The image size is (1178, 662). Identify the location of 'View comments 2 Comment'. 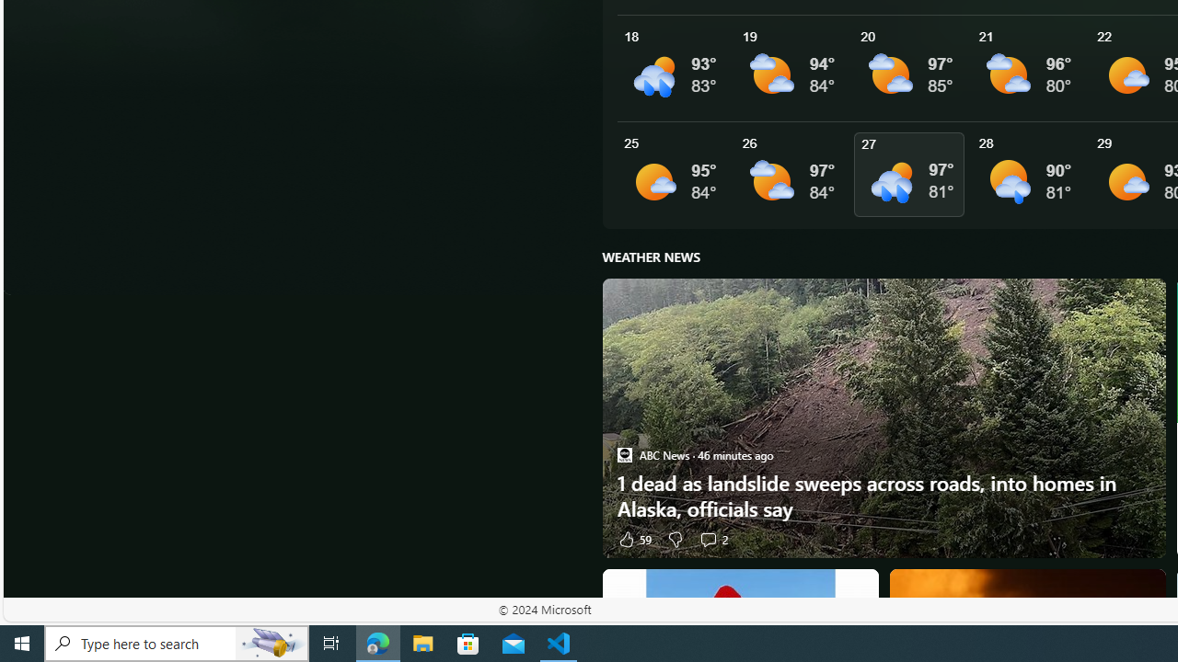
(707, 538).